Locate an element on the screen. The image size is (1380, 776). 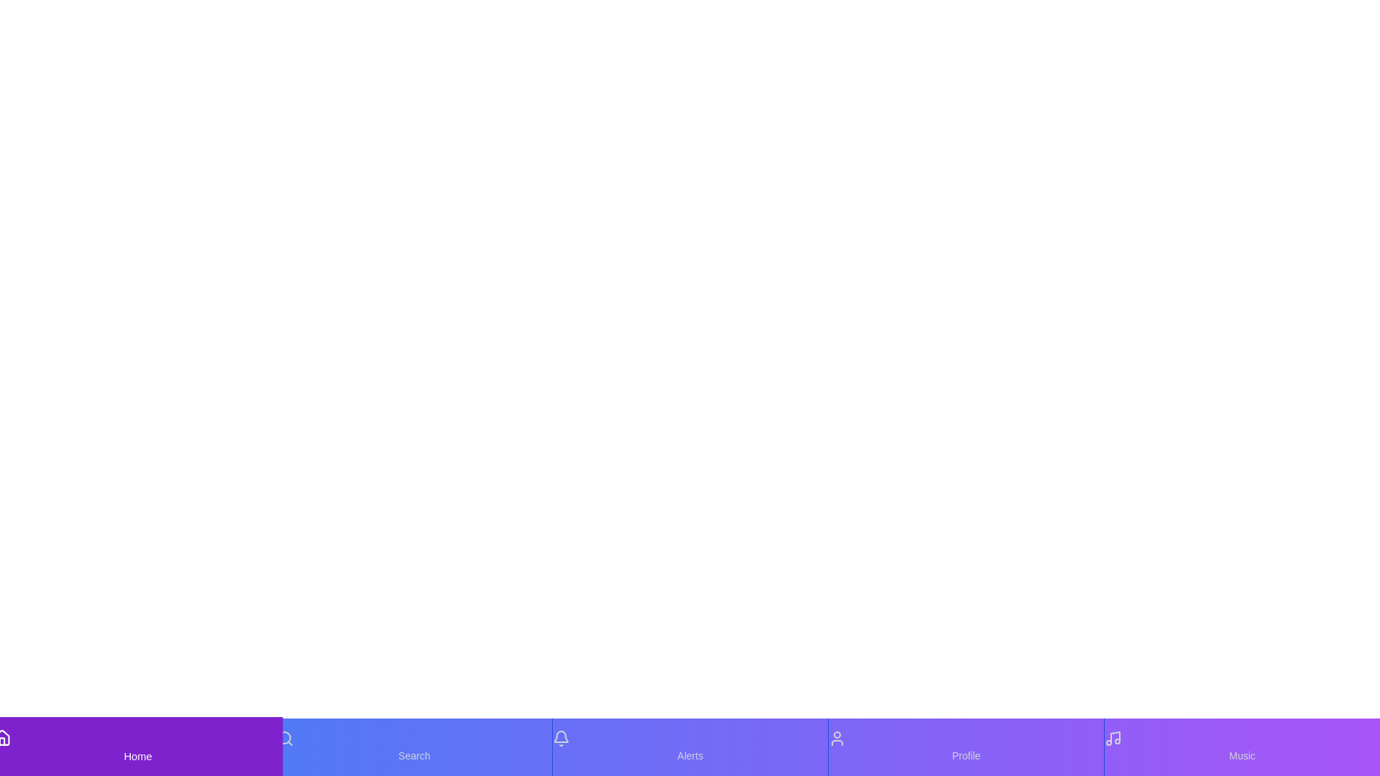
the Music tab in the bottom navigation bar is located at coordinates (1241, 747).